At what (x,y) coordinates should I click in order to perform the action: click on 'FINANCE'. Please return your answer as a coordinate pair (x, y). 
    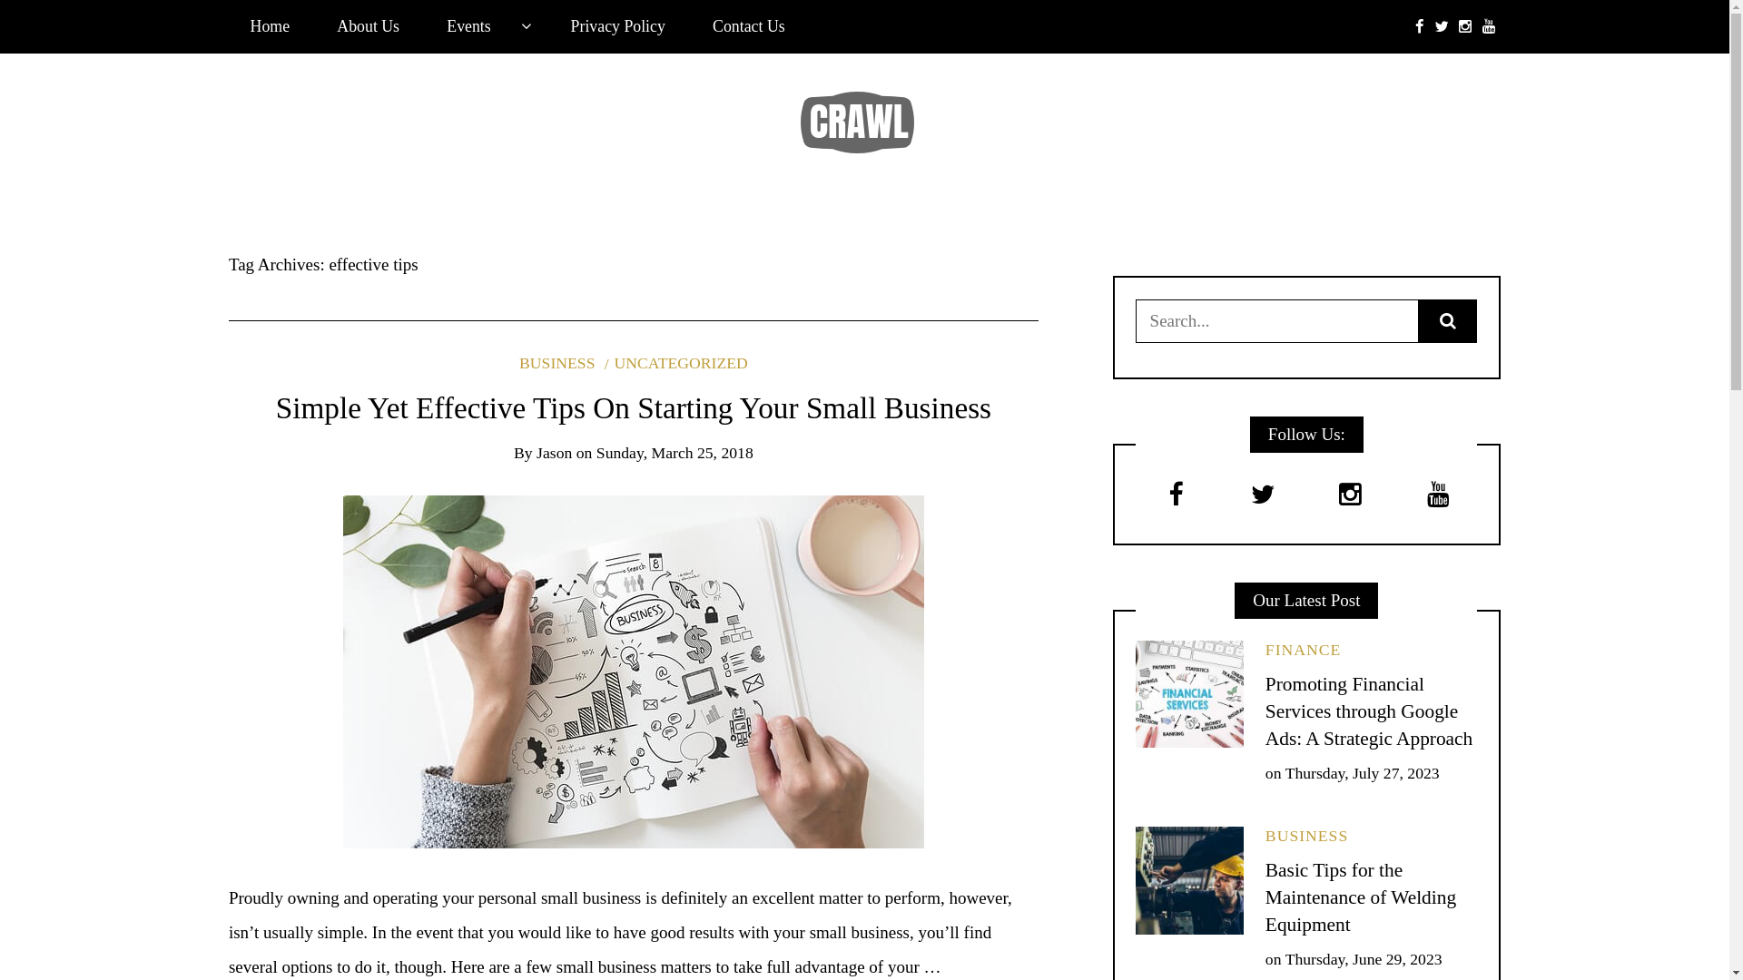
    Looking at the image, I should click on (1264, 649).